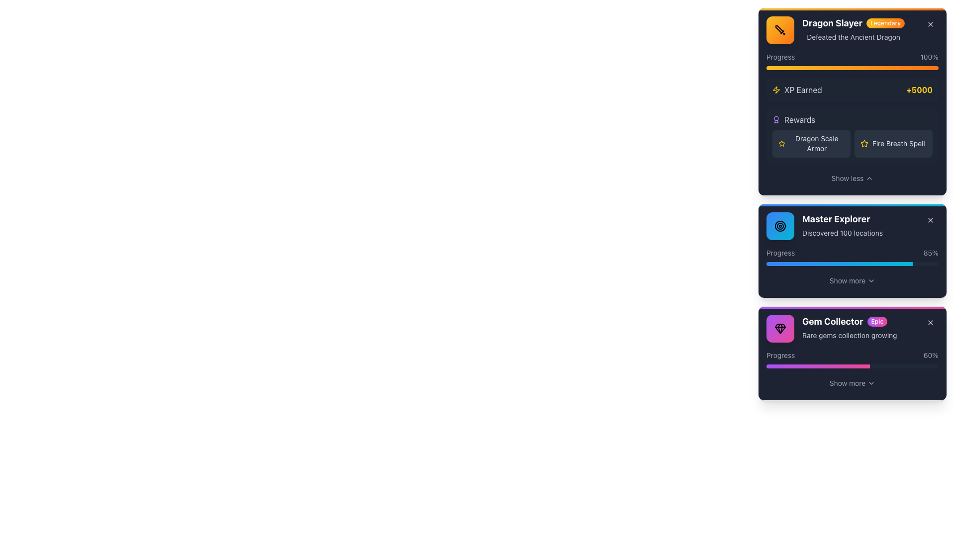 The width and height of the screenshot is (955, 537). I want to click on progress percentage displayed in the progress bar for the 'Master Explorer' task, which is located in the middle of the second card in the vertical list of cards, so click(852, 256).